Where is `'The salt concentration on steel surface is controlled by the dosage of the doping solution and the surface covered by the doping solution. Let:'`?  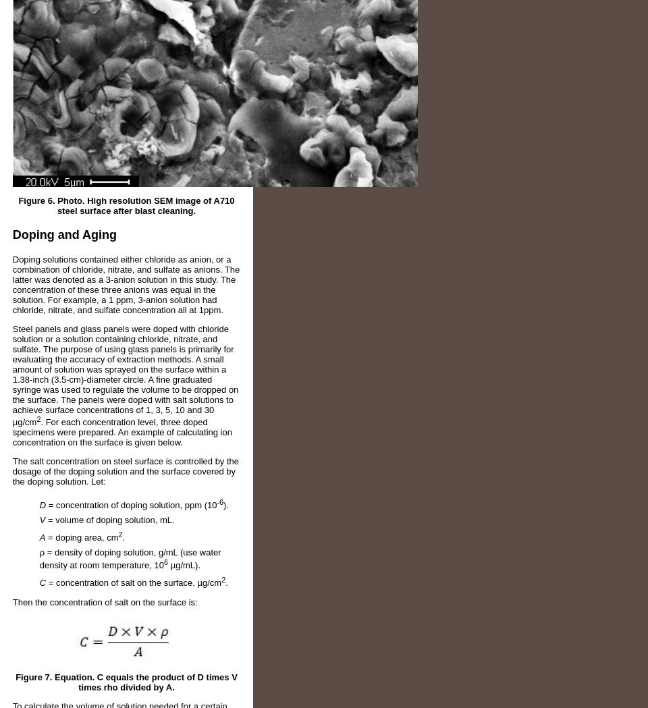 'The salt concentration on steel surface is controlled by the dosage of the doping solution and the surface covered by the doping solution. Let:' is located at coordinates (126, 471).